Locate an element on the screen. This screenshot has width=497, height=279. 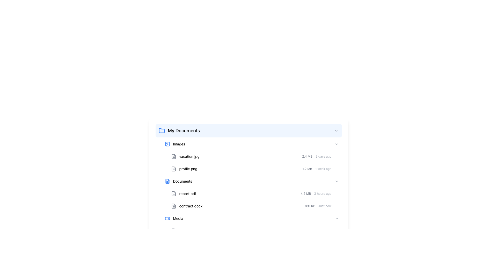
the document file icon, which is a vector graphic with a folded top-right corner, located to the left of the text 'Media' at the bottom of the list of document folder entries is located at coordinates (173, 231).